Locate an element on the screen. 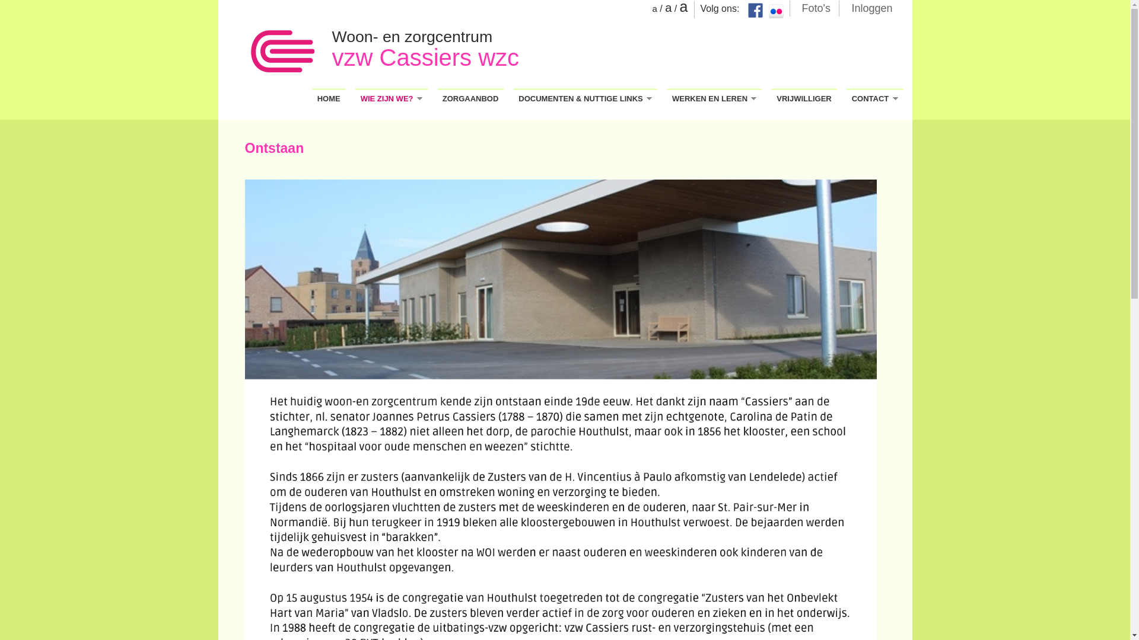 The image size is (1139, 640). 'Home Page' is located at coordinates (281, 52).